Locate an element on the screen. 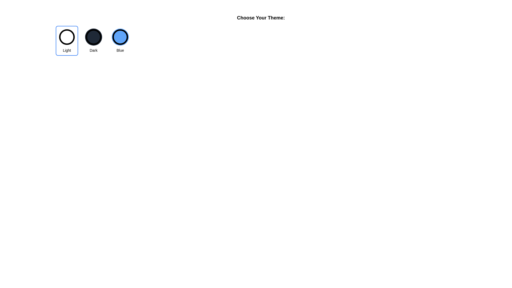 This screenshot has height=288, width=512. the 'Light' theme button located at the leftmost position of the theme selection row is located at coordinates (66, 41).